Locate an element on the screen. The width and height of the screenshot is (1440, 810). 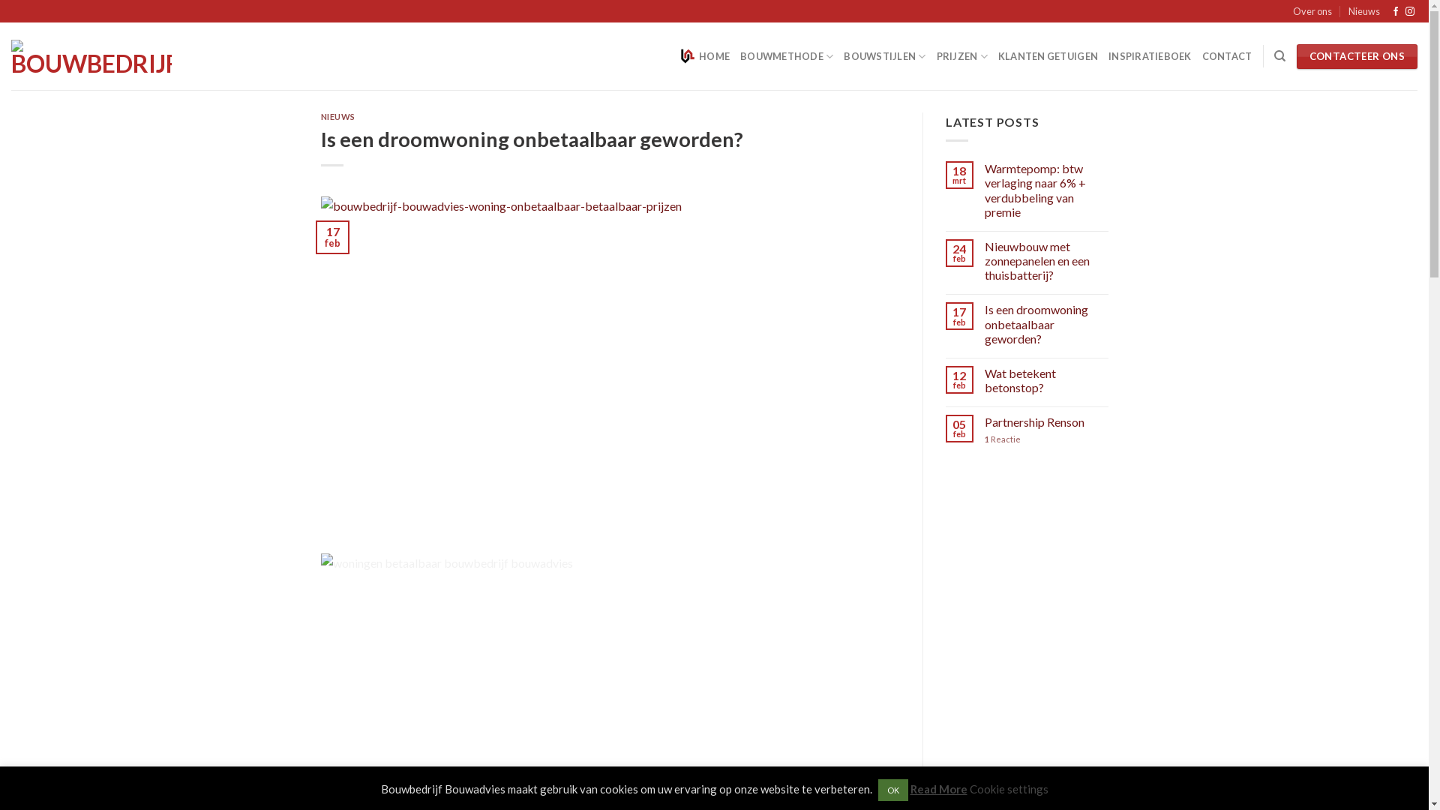
'BOUWMETHODE' is located at coordinates (740, 55).